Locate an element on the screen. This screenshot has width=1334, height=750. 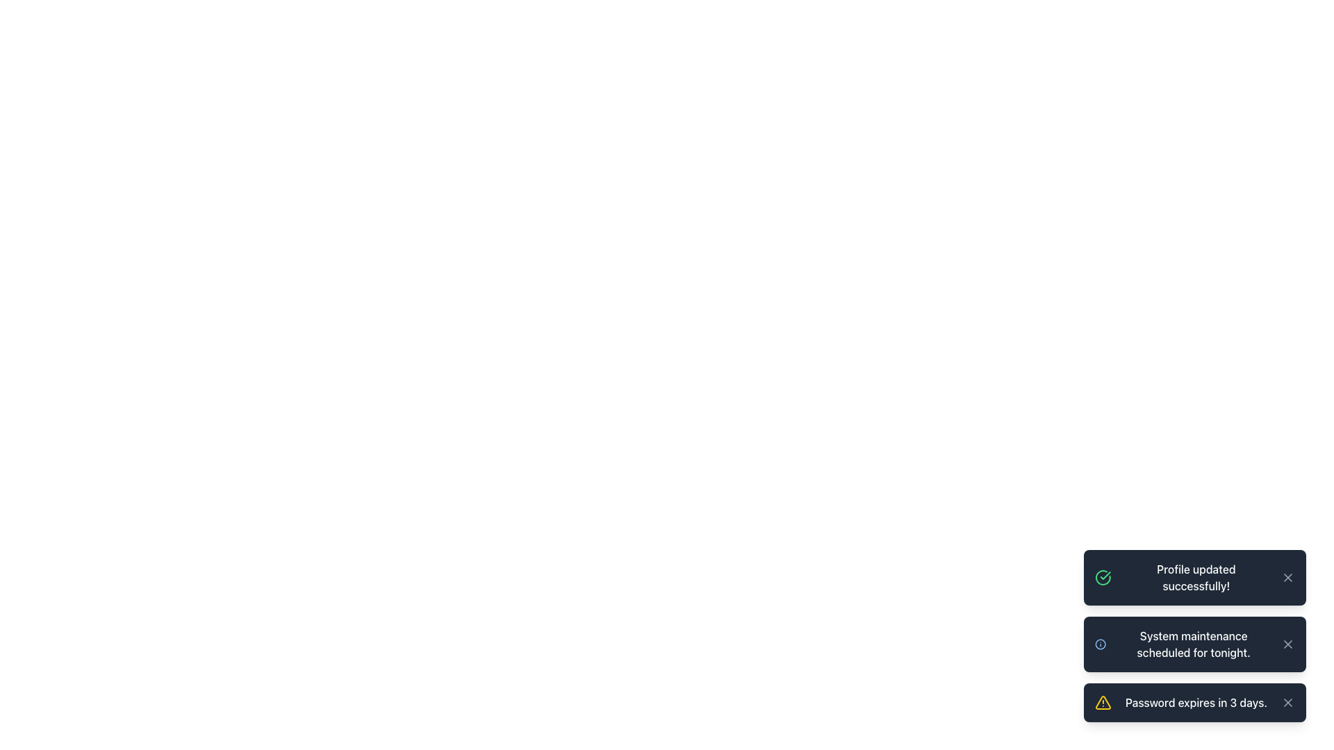
the close button icon located on the right side of the notification card that dismisses the notification for 'Password expires in 3 days.' is located at coordinates (1287, 702).